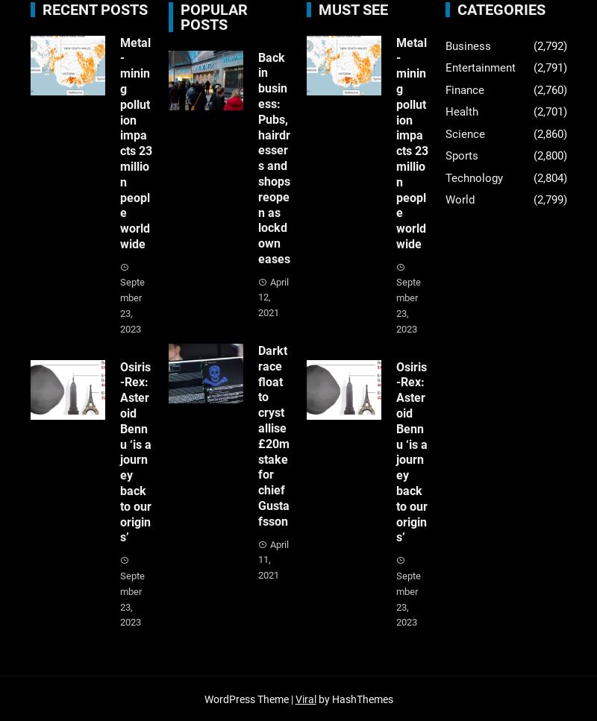  I want to click on 'Recent Posts', so click(93, 8).